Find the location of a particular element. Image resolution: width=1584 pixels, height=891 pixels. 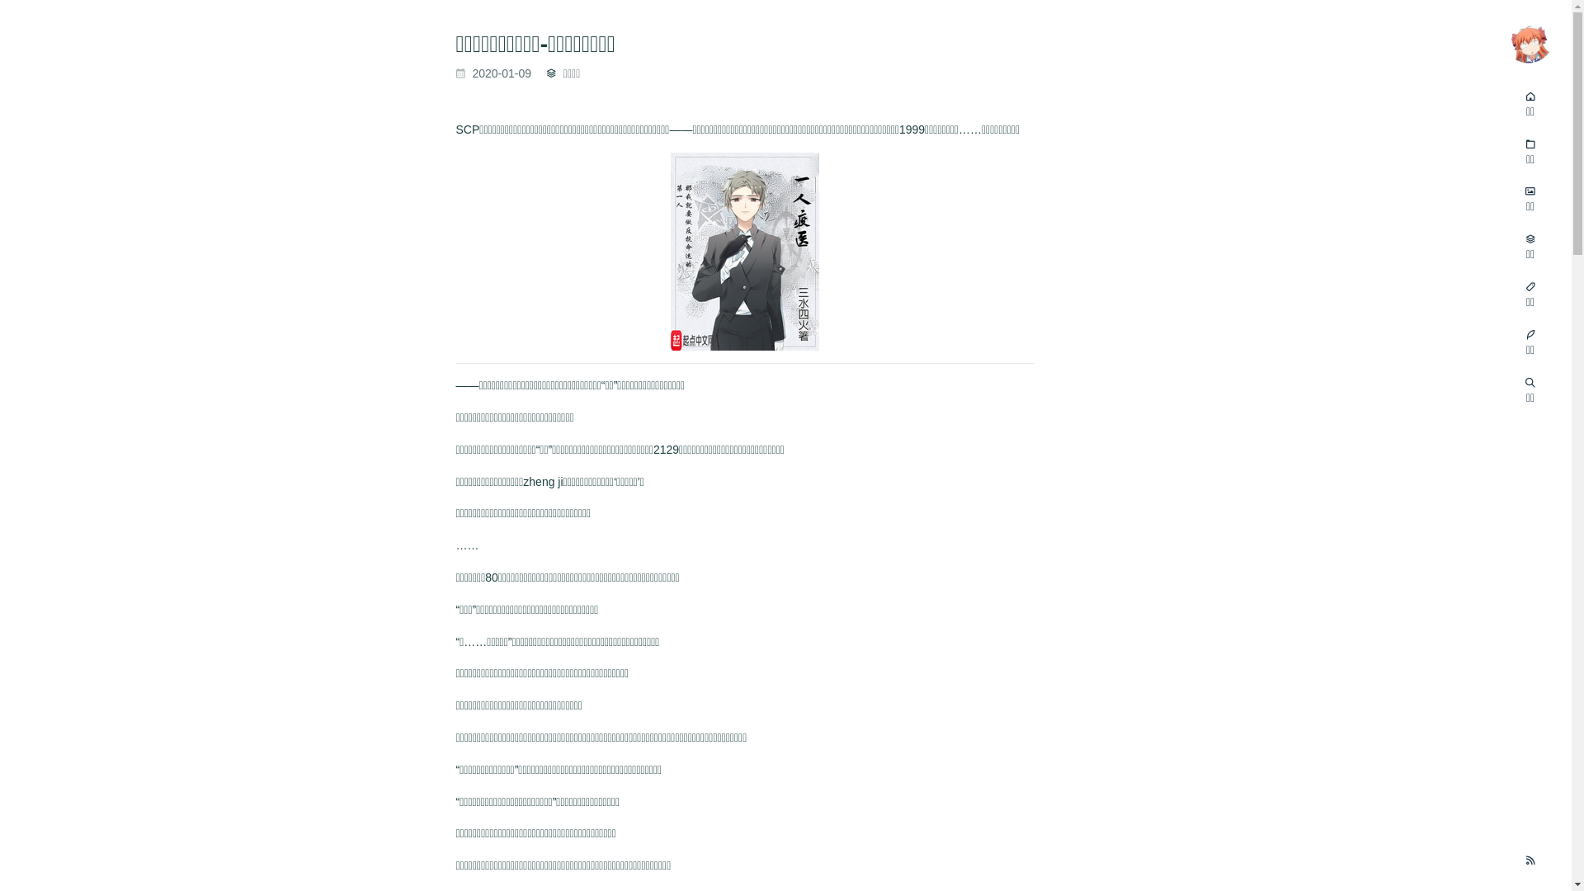

'RSS Feed' is located at coordinates (1488, 860).